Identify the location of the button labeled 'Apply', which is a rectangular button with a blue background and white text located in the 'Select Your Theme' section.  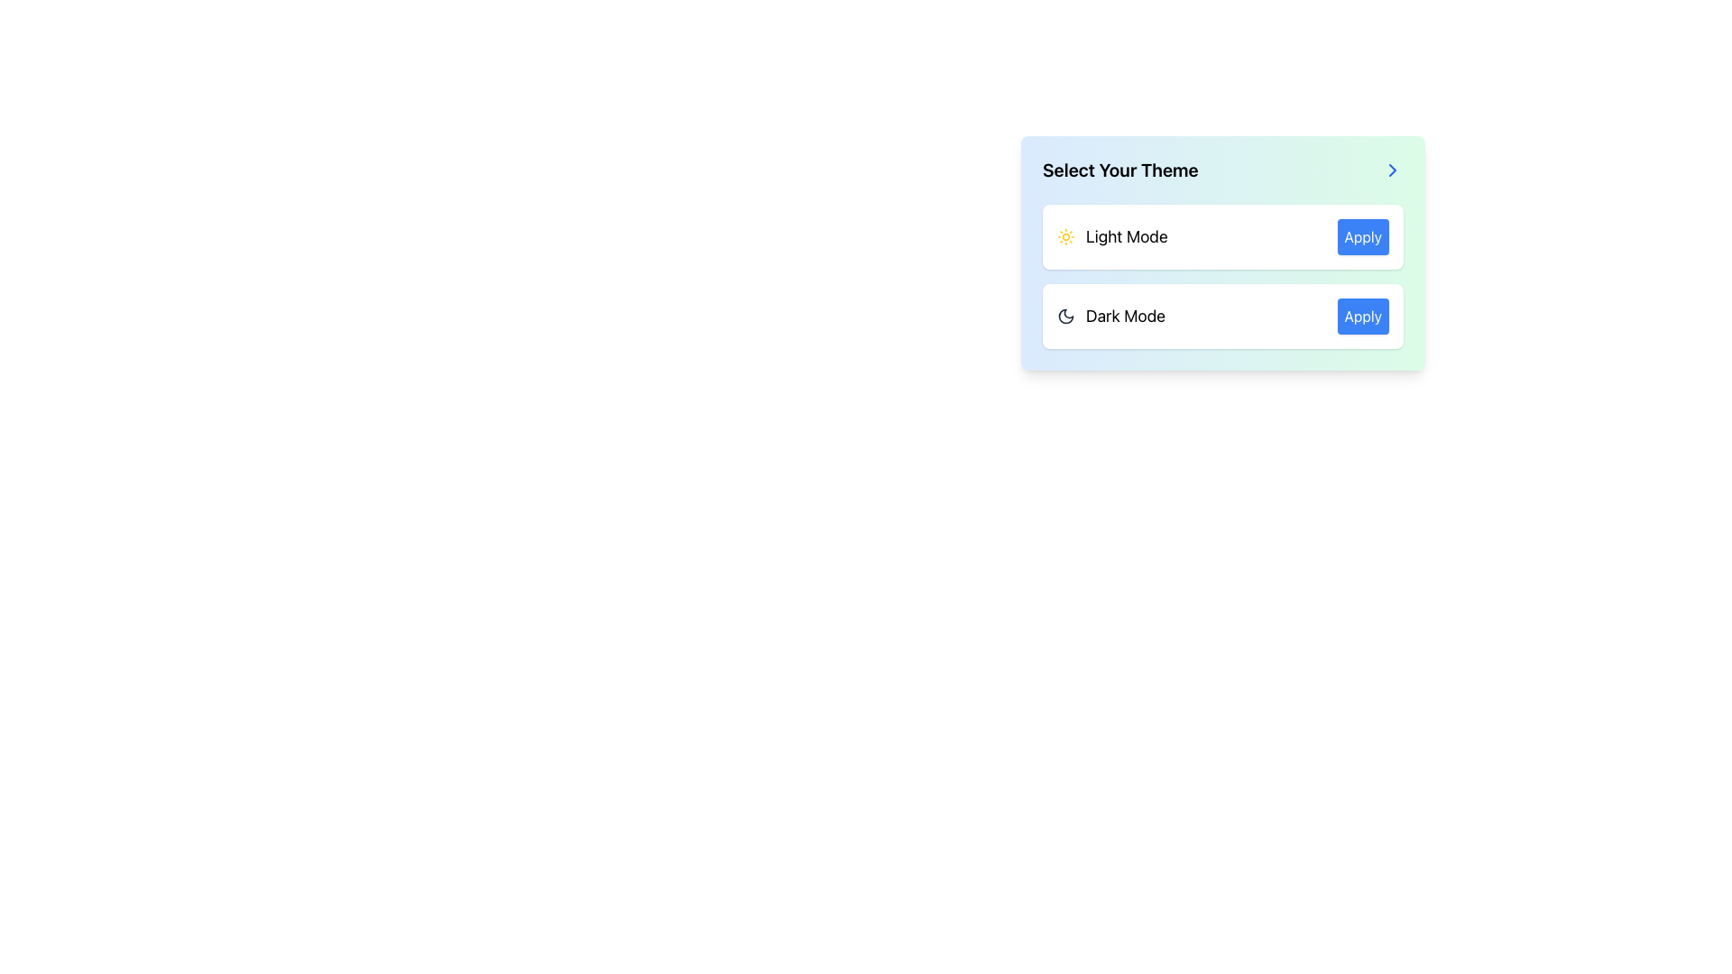
(1363, 235).